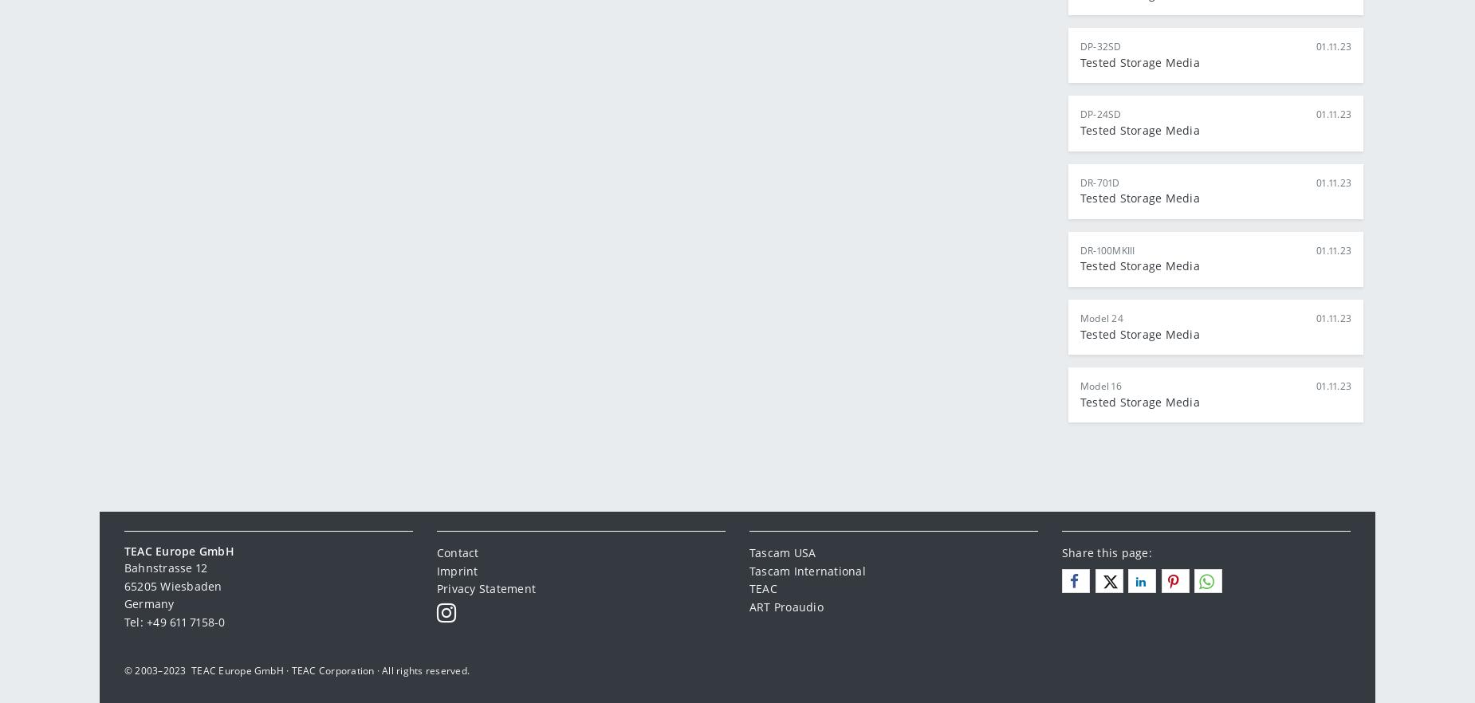  What do you see at coordinates (174, 621) in the screenshot?
I see `'Tel: +49 611 7158-0'` at bounding box center [174, 621].